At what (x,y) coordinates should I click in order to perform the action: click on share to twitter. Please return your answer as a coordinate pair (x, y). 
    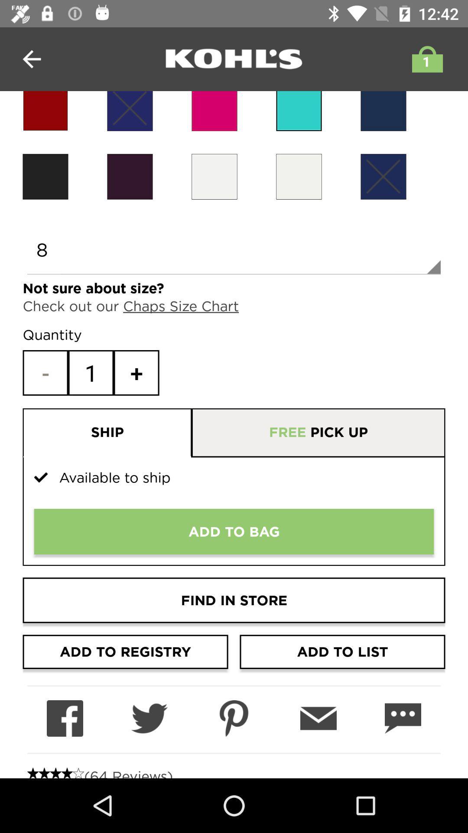
    Looking at the image, I should click on (149, 718).